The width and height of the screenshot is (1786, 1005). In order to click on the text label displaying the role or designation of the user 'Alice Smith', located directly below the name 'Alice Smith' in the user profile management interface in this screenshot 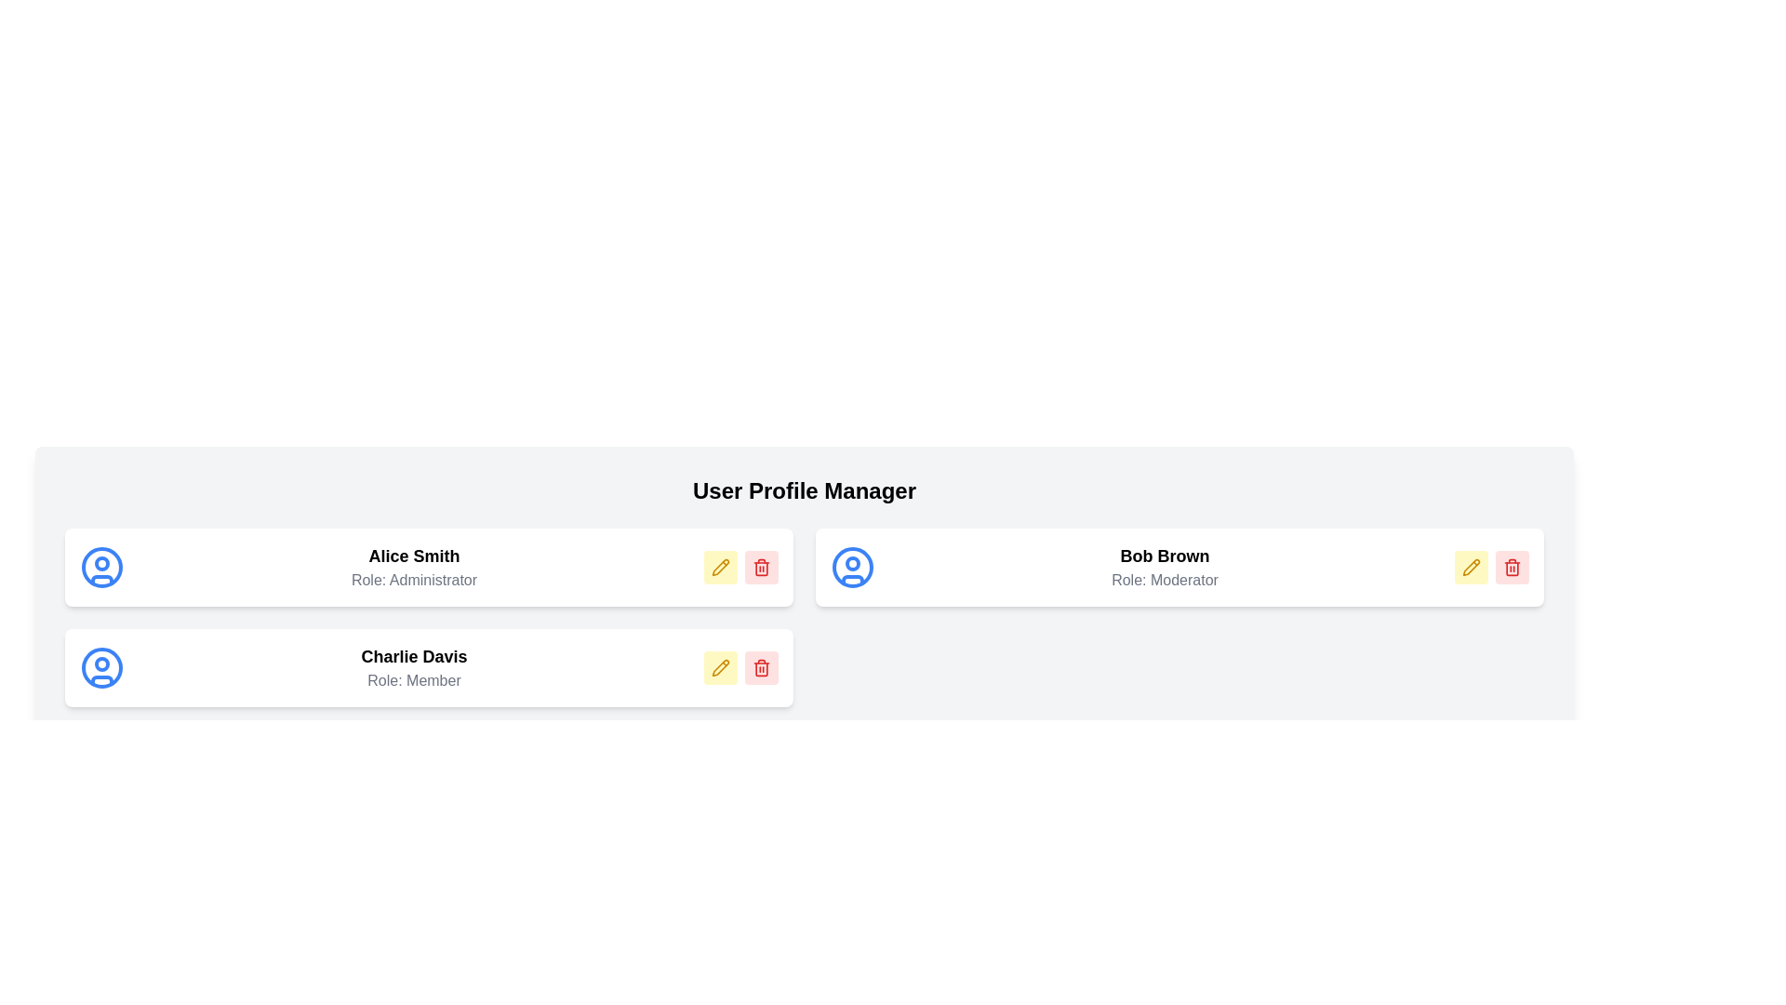, I will do `click(413, 580)`.